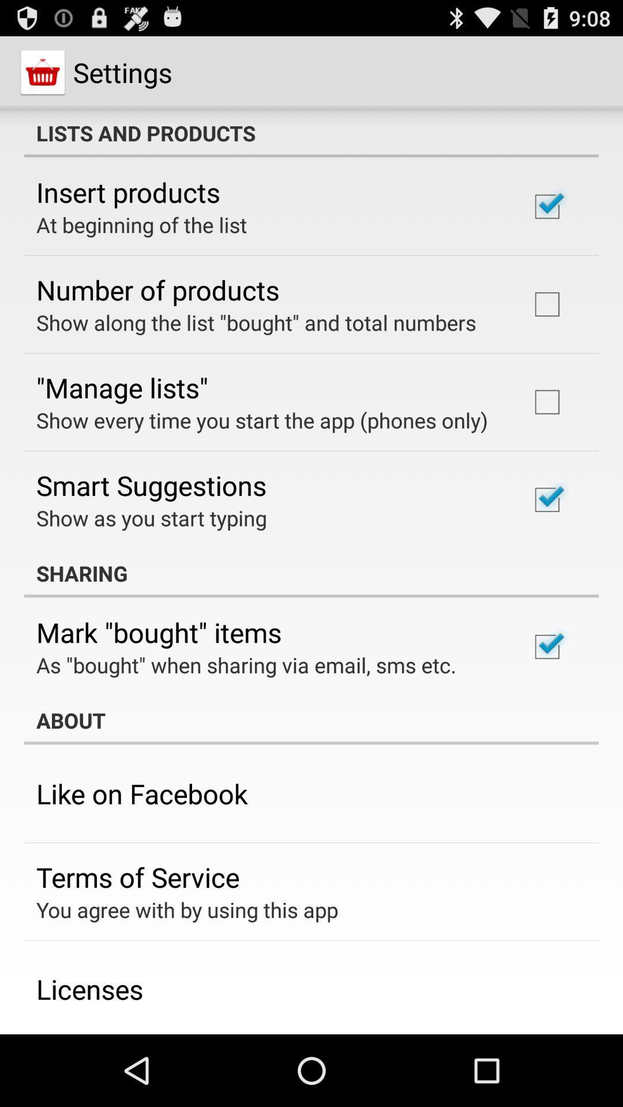  I want to click on smart suggestions icon, so click(151, 485).